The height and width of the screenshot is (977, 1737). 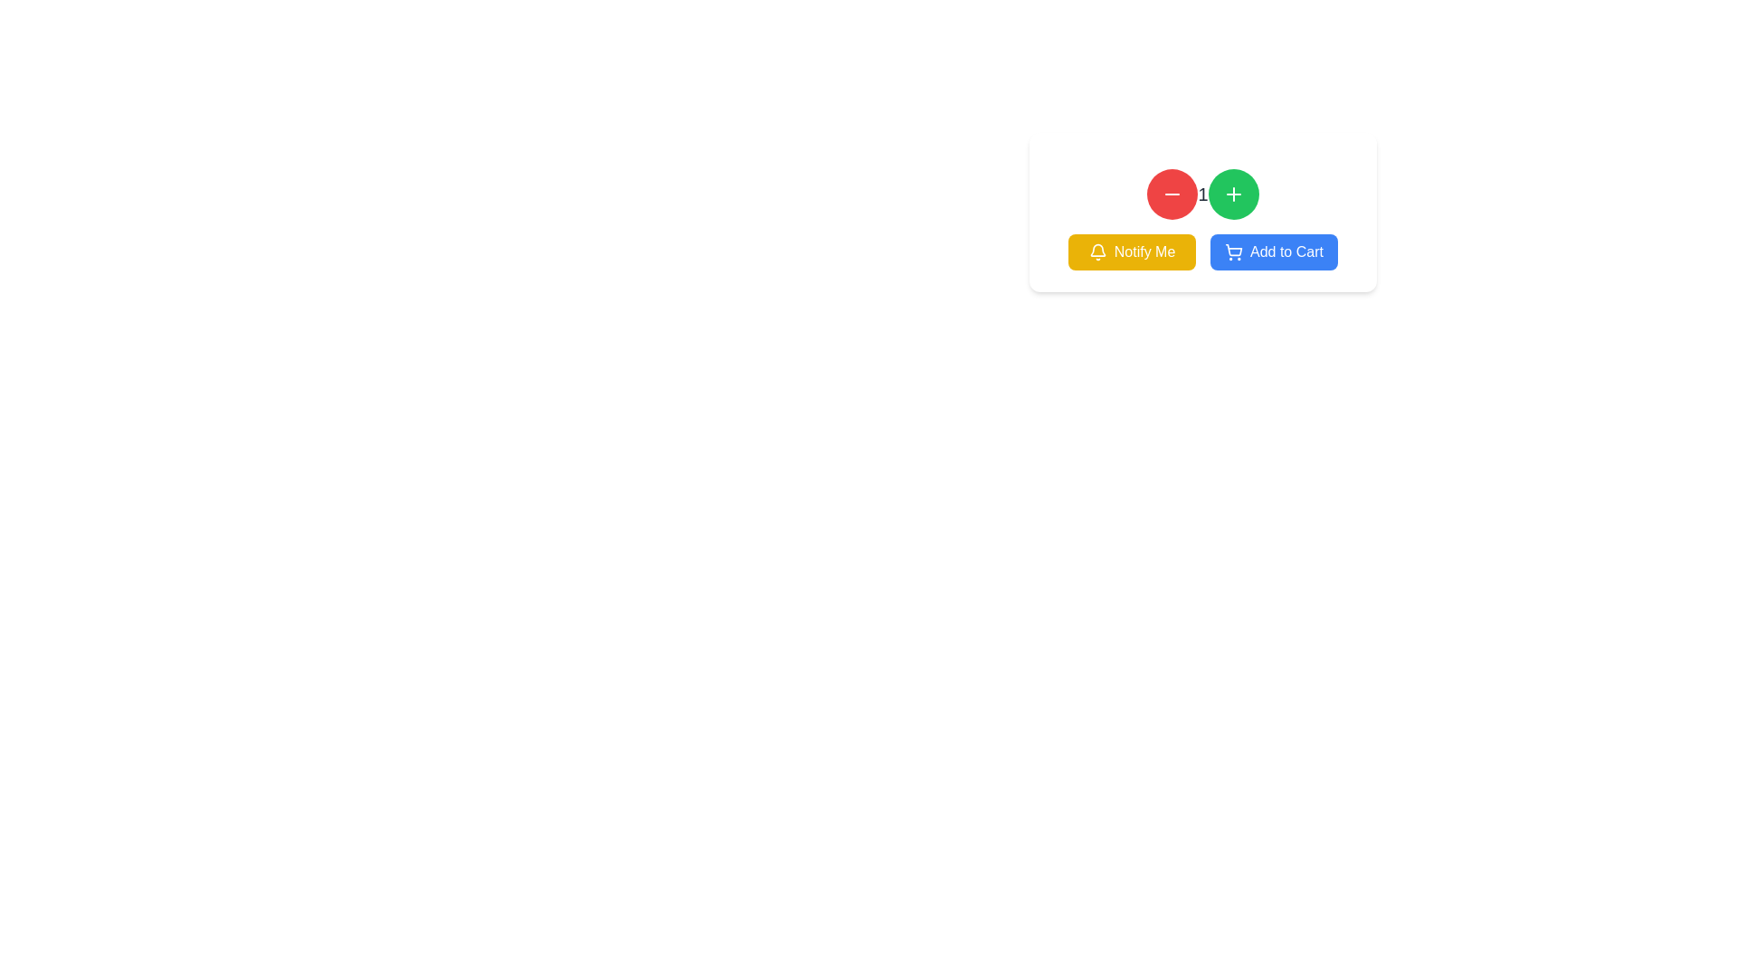 I want to click on the decrement button located to the left of the number '1' to decrease the associated quantity or value by a step, so click(x=1172, y=194).